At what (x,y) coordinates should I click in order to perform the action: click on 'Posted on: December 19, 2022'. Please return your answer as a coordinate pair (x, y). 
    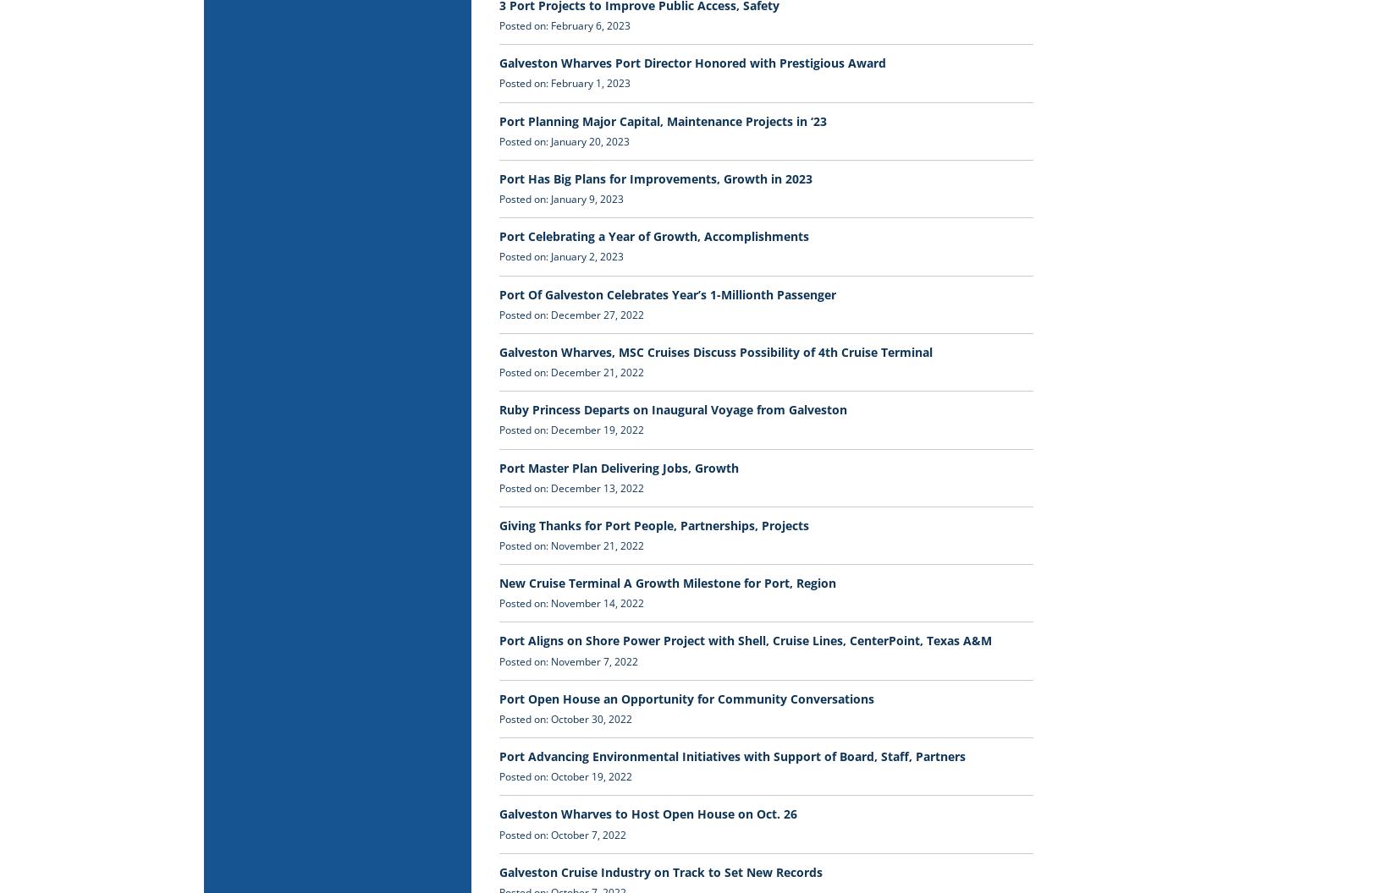
    Looking at the image, I should click on (570, 429).